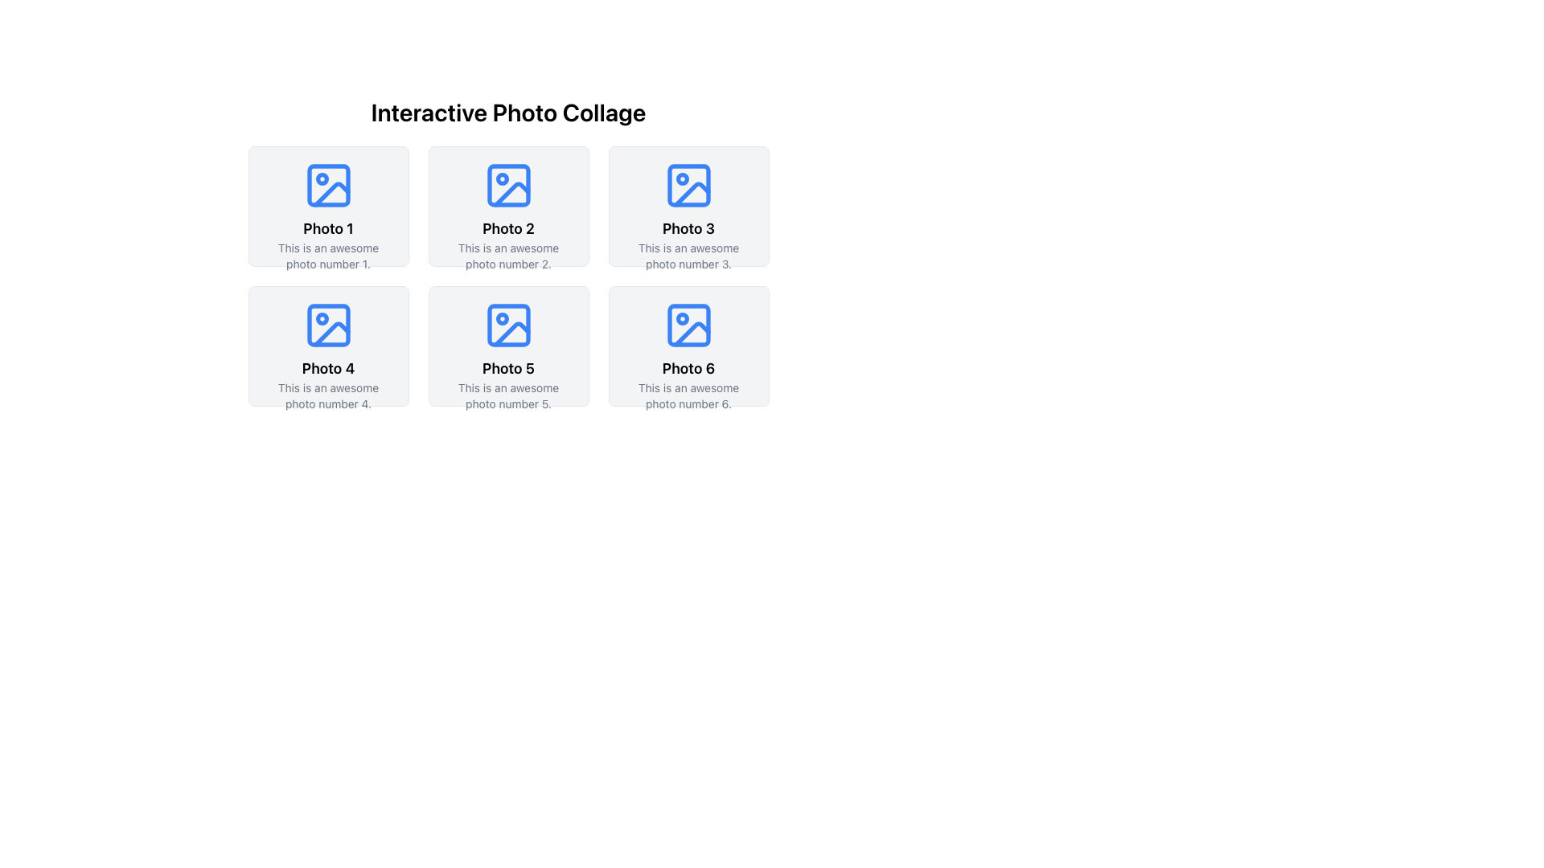 Image resolution: width=1544 pixels, height=868 pixels. What do you see at coordinates (327, 346) in the screenshot?
I see `the interactive 'zoom in' button icon overlaying the image in the 'Photo 4' section` at bounding box center [327, 346].